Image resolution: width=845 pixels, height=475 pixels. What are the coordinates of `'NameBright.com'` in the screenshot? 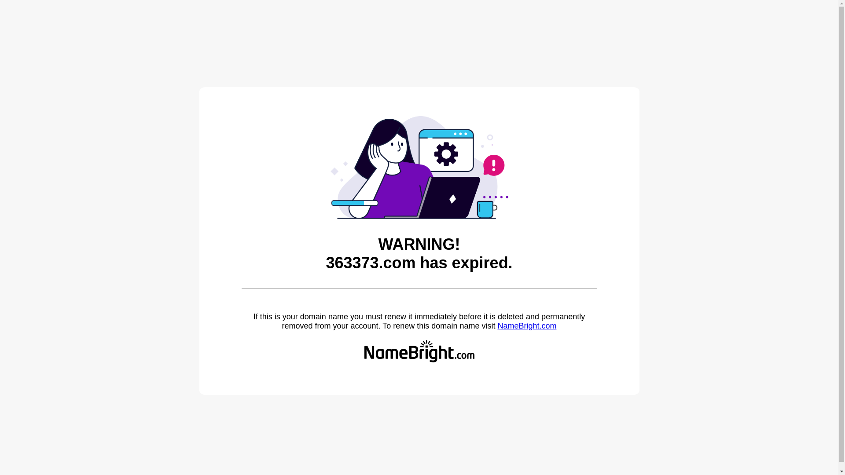 It's located at (526, 325).